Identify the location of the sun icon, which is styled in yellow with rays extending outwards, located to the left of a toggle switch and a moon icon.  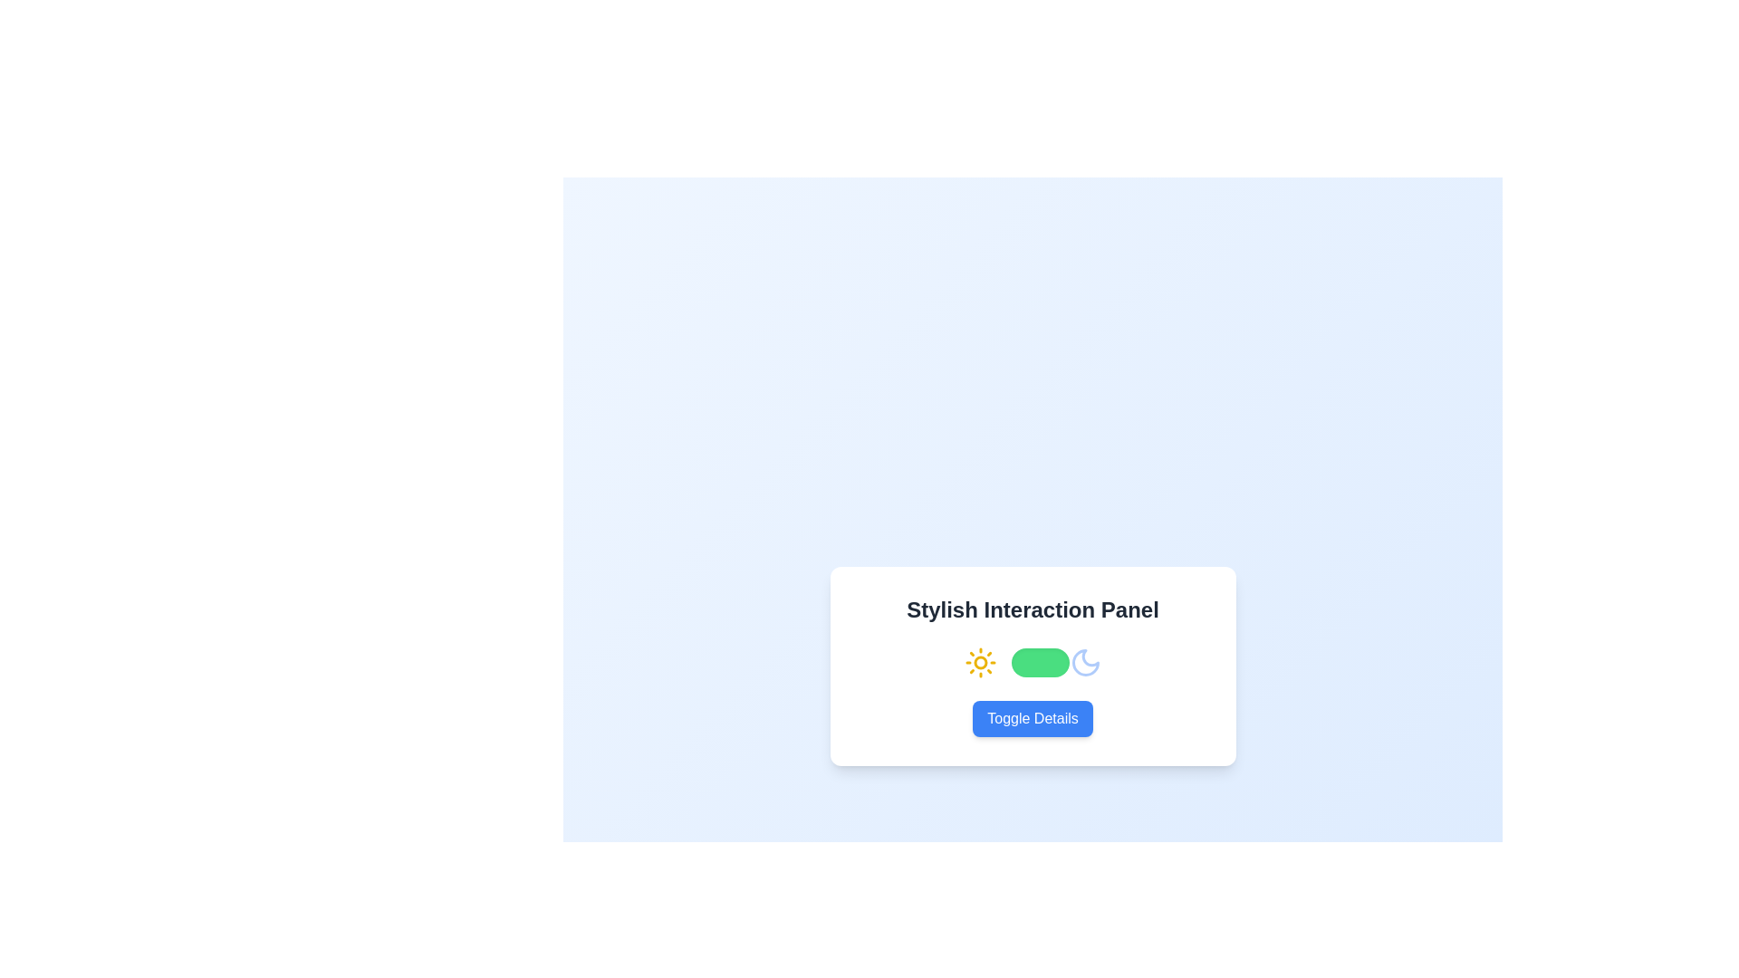
(979, 663).